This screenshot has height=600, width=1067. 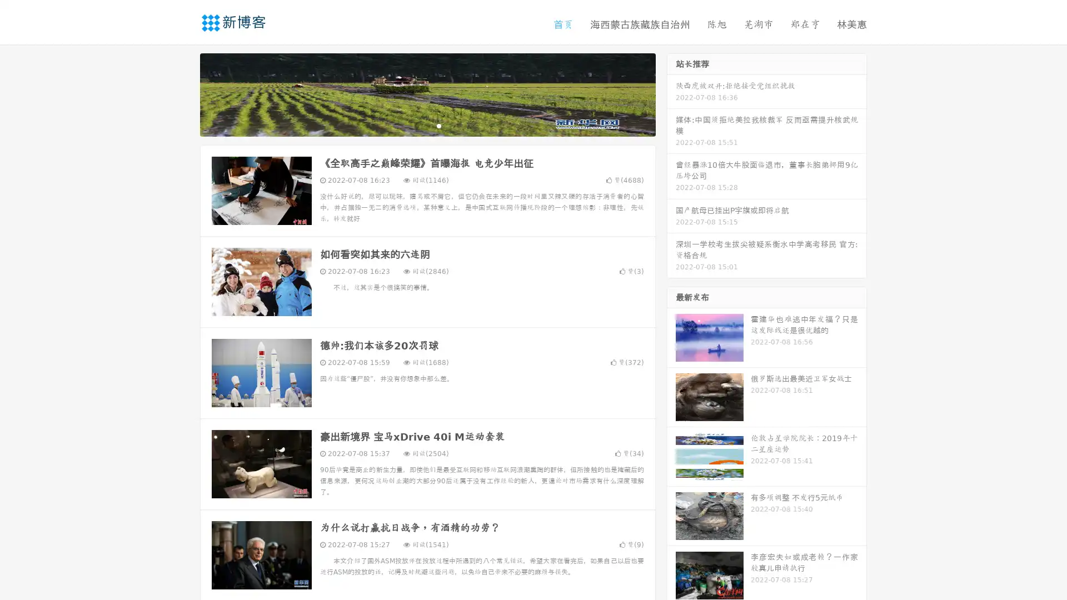 I want to click on Go to slide 1, so click(x=416, y=125).